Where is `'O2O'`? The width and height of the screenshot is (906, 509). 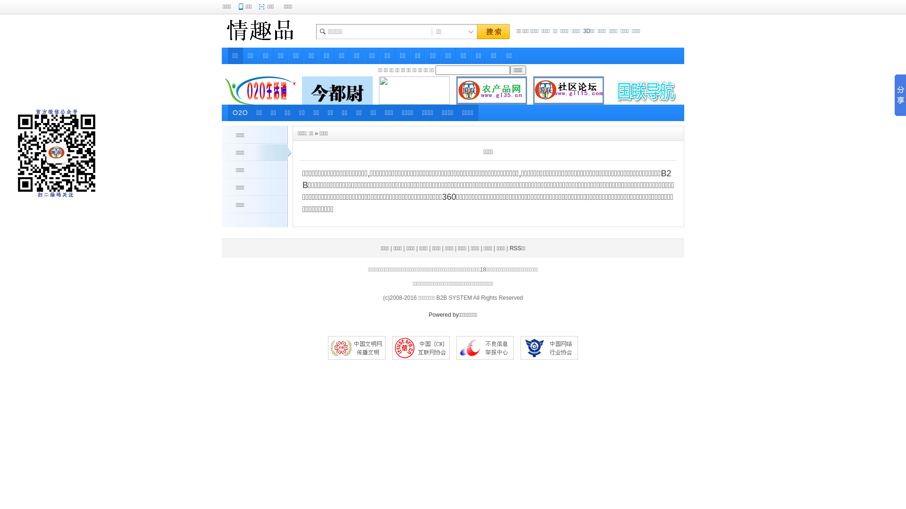 'O2O' is located at coordinates (240, 112).